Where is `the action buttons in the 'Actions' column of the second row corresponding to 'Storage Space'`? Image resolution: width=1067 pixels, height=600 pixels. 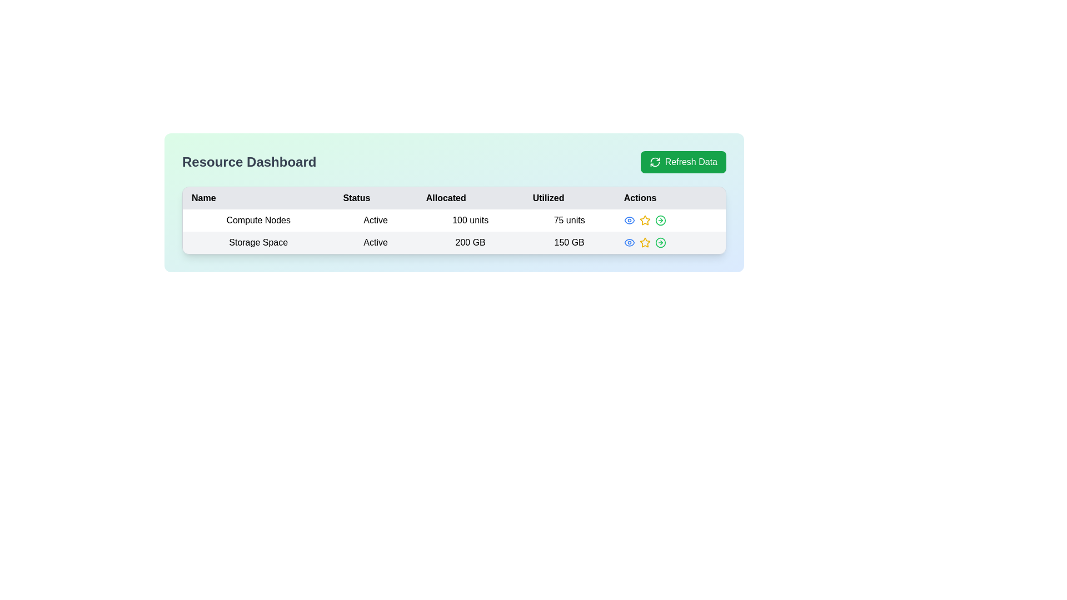
the action buttons in the 'Actions' column of the second row corresponding to 'Storage Space' is located at coordinates (669, 242).